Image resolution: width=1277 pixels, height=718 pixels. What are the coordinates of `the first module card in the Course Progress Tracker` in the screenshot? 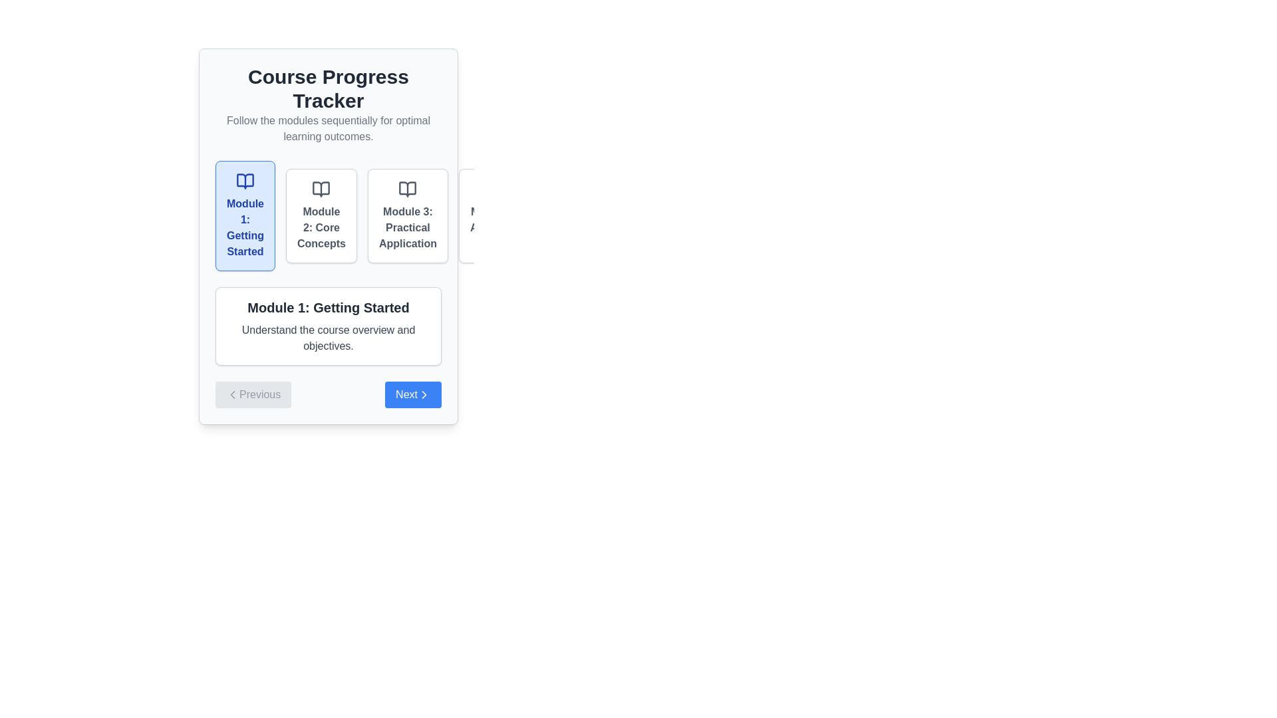 It's located at (245, 215).